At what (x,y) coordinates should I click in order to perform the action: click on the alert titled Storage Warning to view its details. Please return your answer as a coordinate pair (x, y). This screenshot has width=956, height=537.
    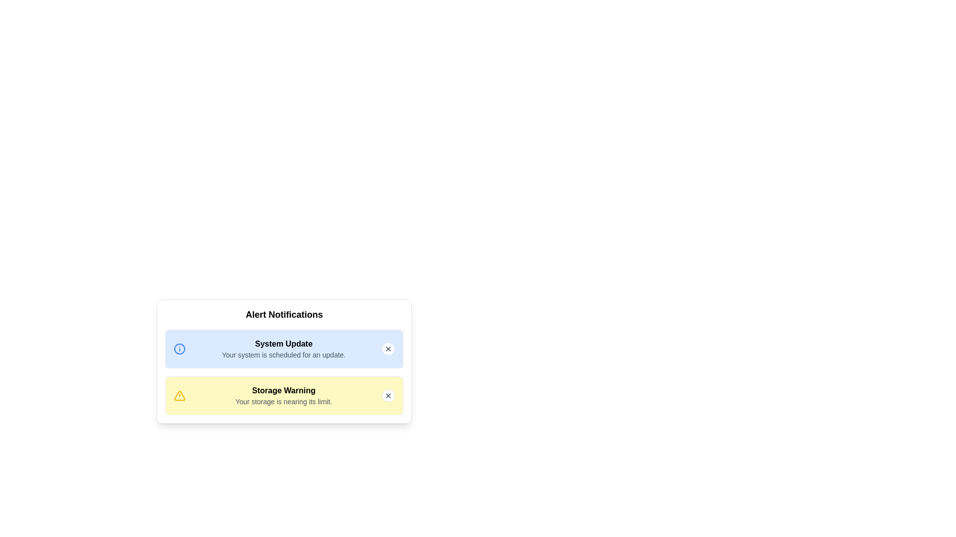
    Looking at the image, I should click on (283, 390).